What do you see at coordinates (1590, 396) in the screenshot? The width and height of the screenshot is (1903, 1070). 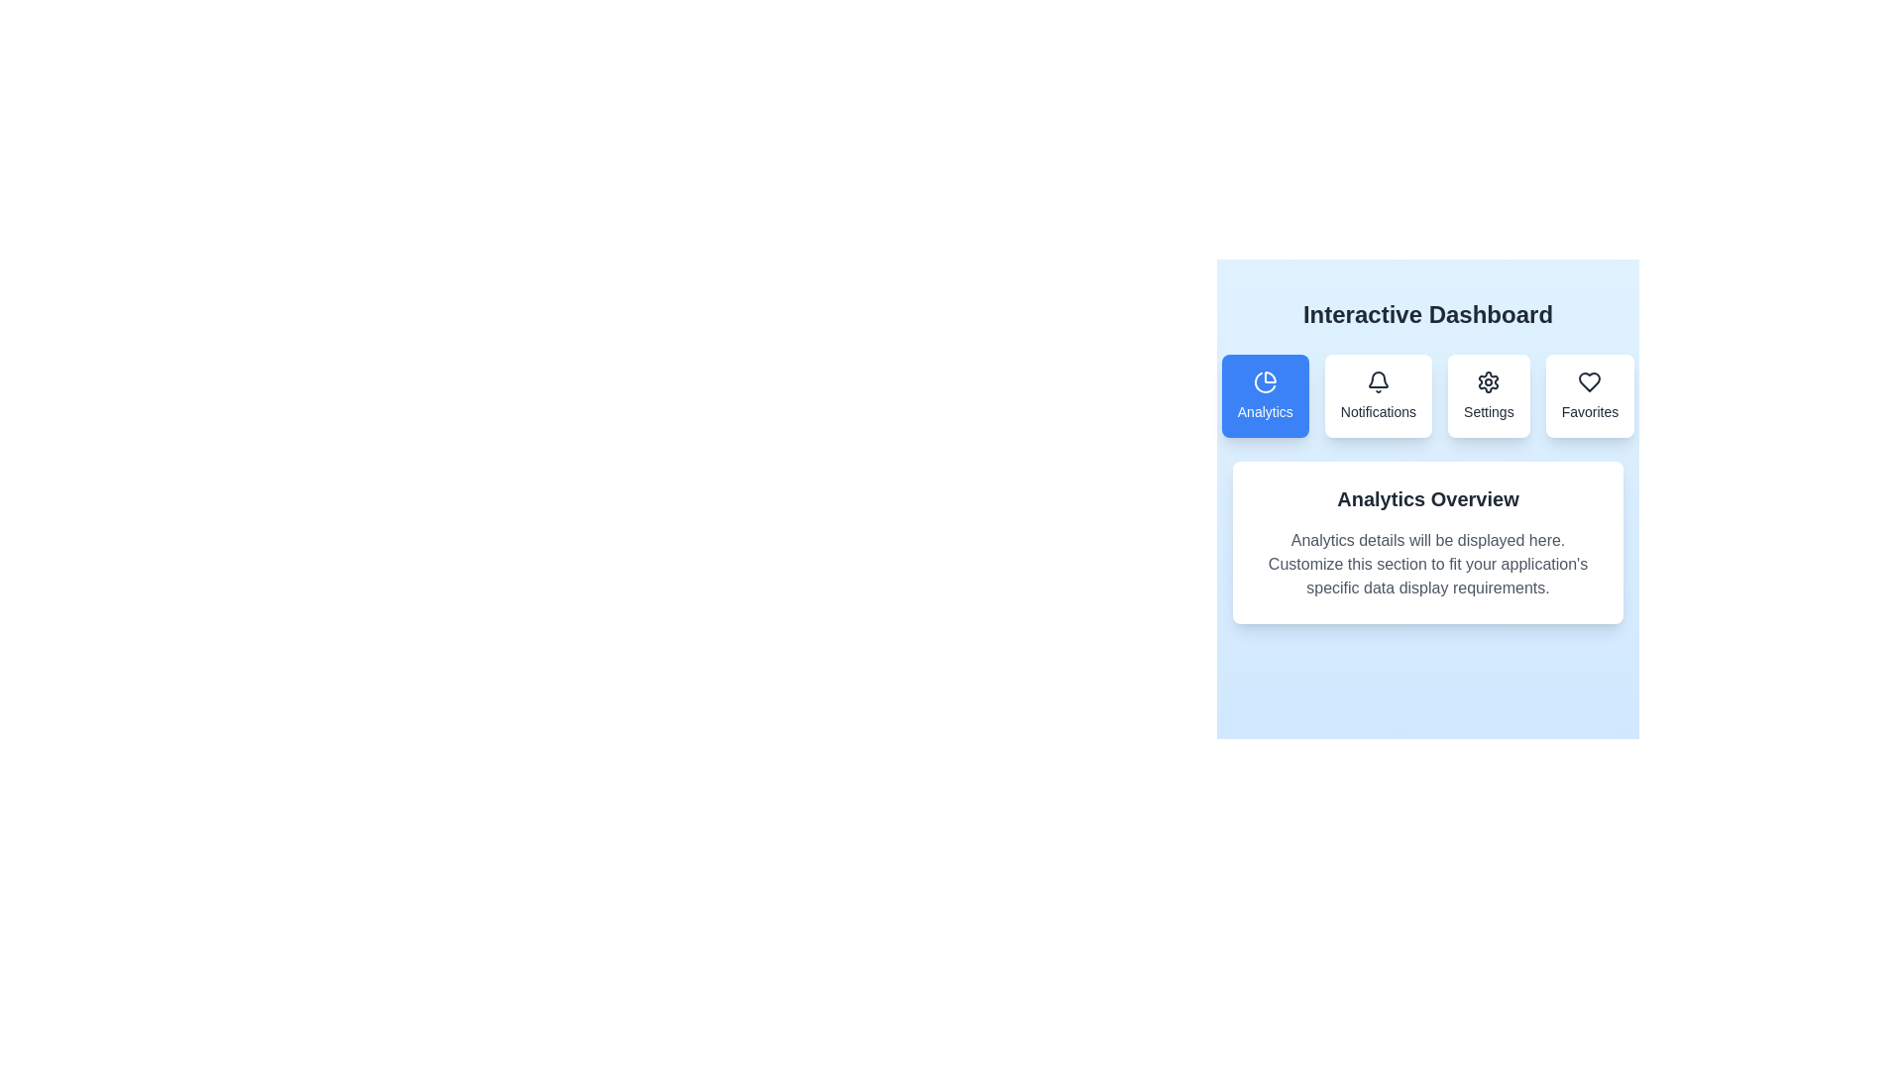 I see `the 'Favorites' button, which is a rectangular button with rounded corners and a heart-shaped outline icon, to activate its hover state` at bounding box center [1590, 396].